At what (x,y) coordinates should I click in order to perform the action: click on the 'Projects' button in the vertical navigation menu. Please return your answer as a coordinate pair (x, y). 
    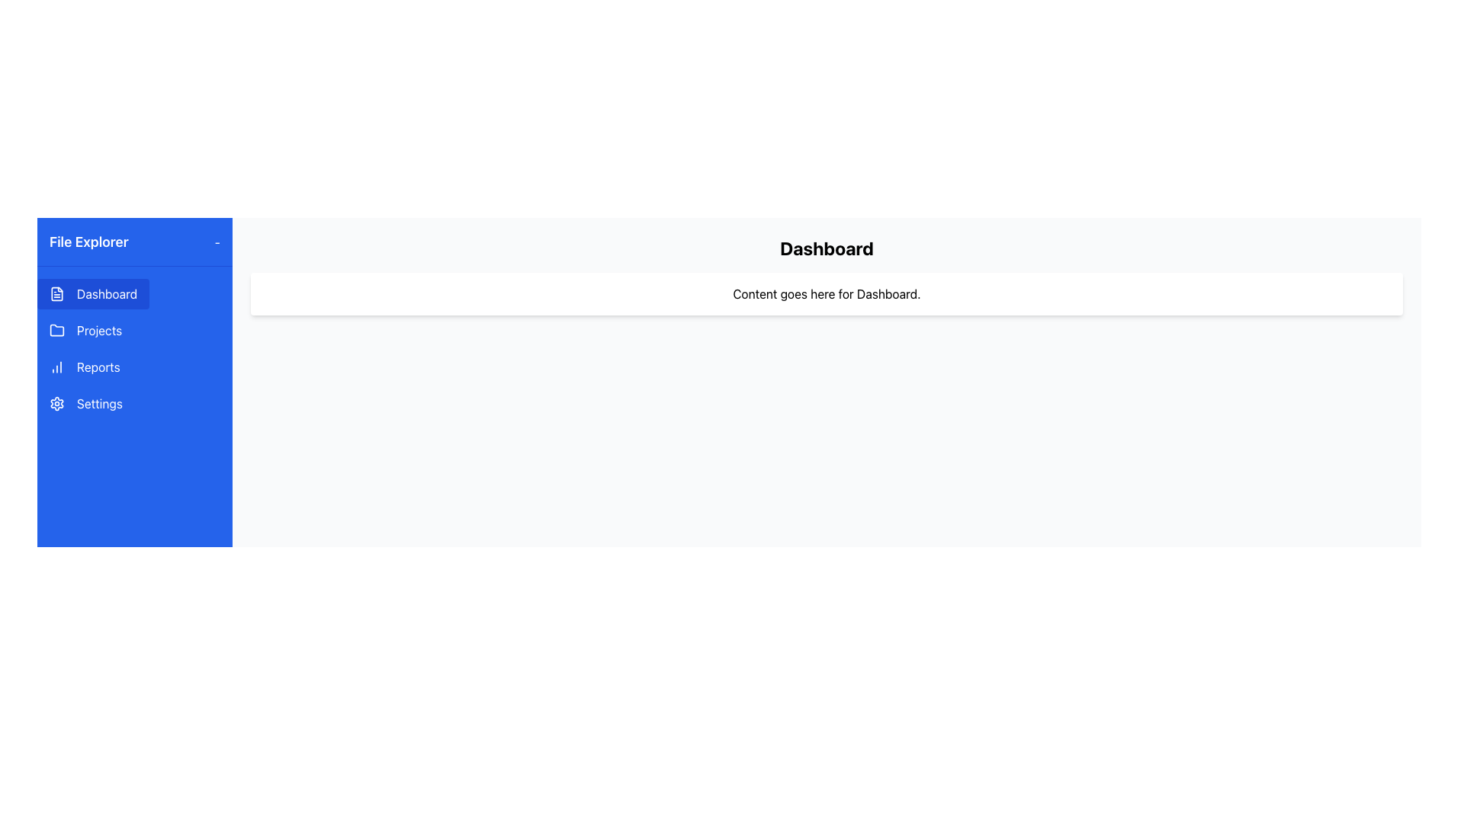
    Looking at the image, I should click on (85, 330).